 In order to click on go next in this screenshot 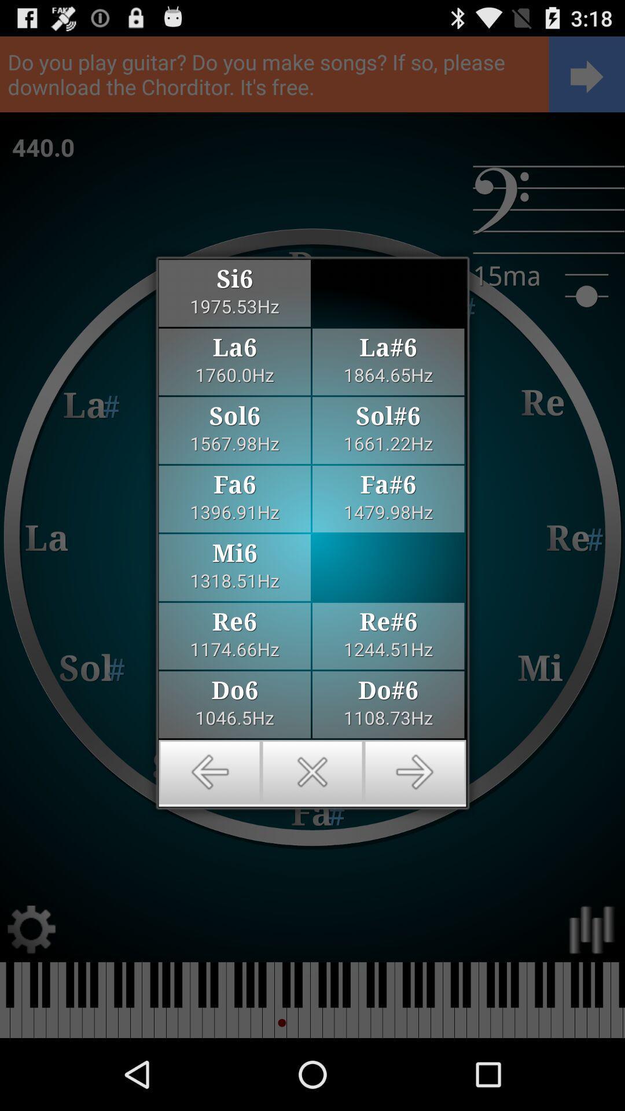, I will do `click(414, 772)`.